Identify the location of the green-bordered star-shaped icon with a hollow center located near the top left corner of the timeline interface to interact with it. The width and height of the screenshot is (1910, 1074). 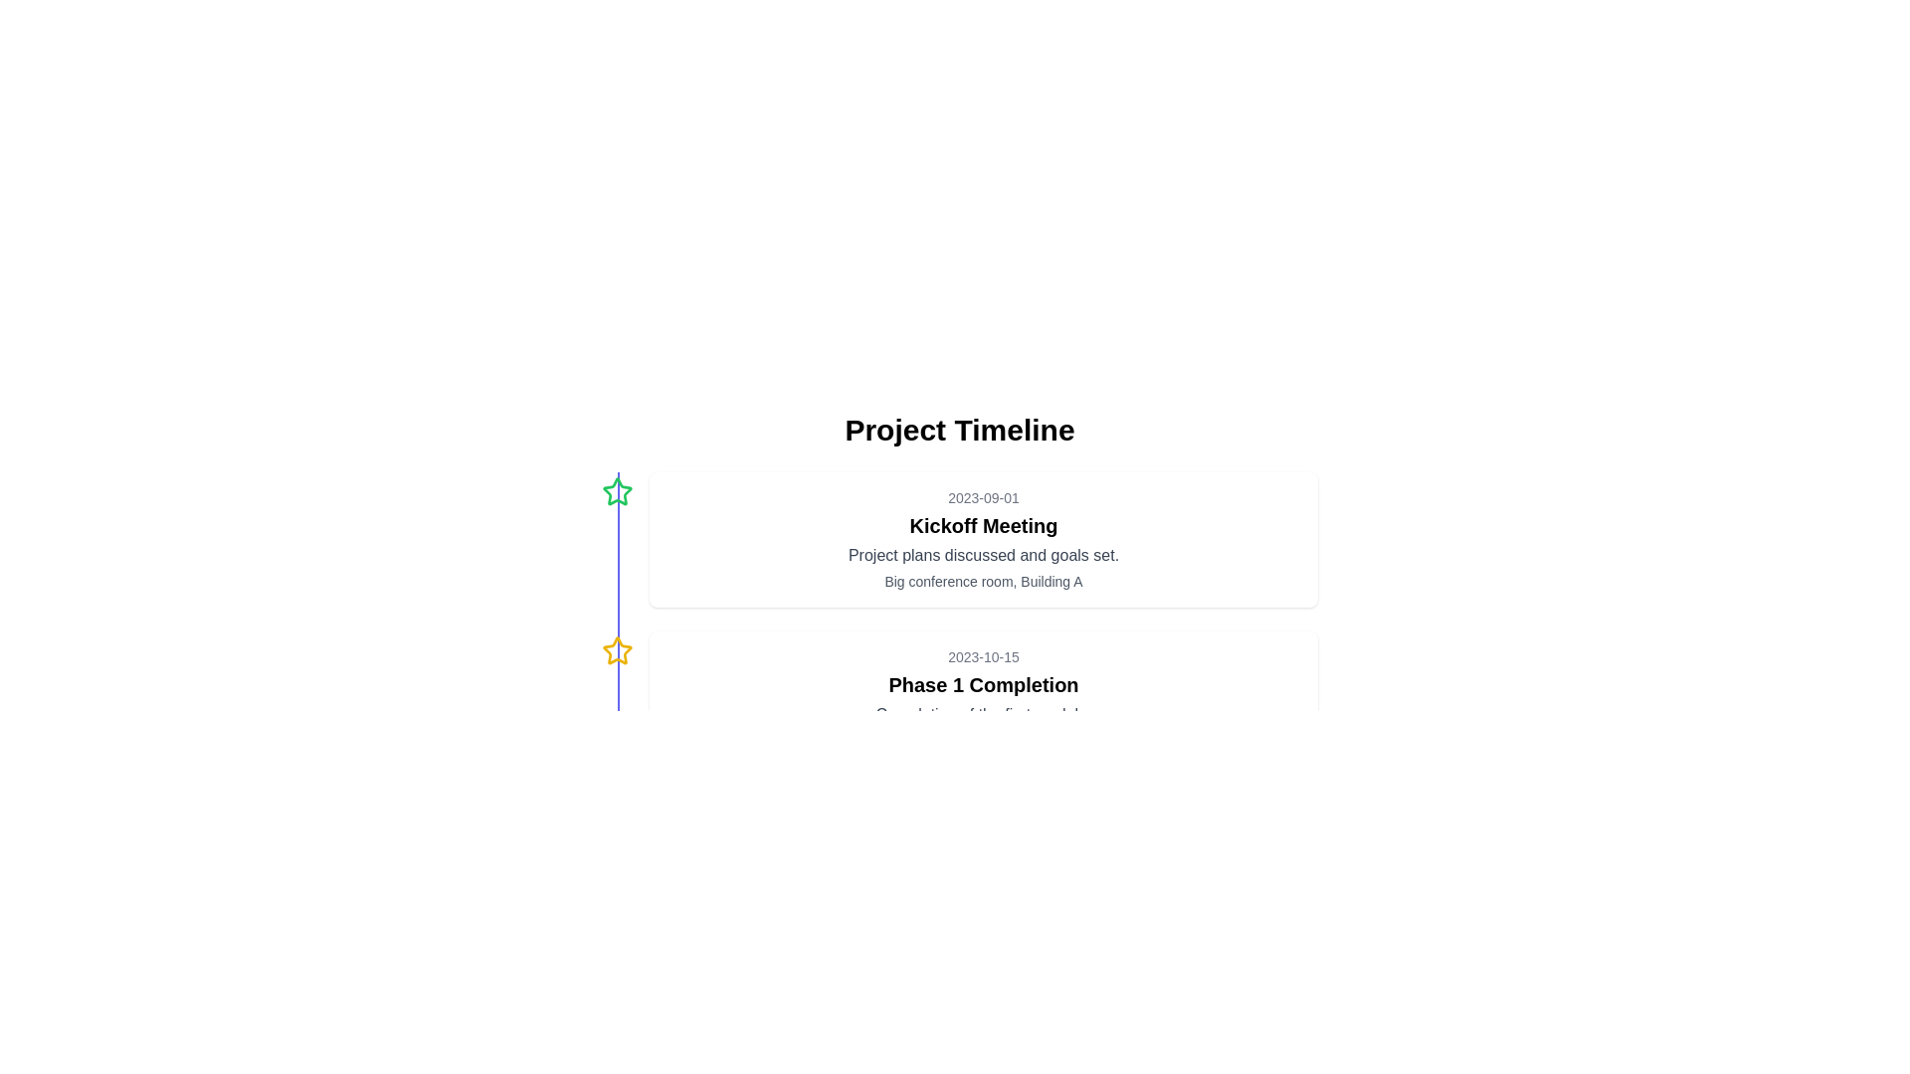
(615, 490).